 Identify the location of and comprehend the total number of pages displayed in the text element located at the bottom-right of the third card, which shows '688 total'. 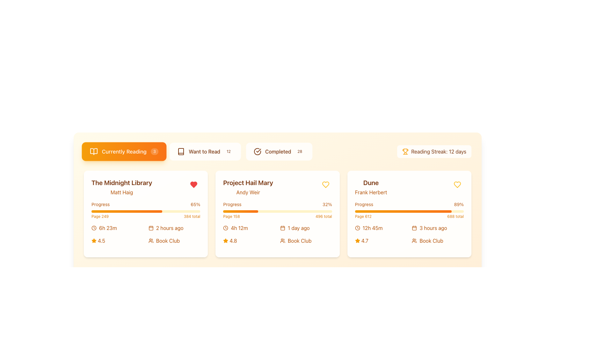
(455, 216).